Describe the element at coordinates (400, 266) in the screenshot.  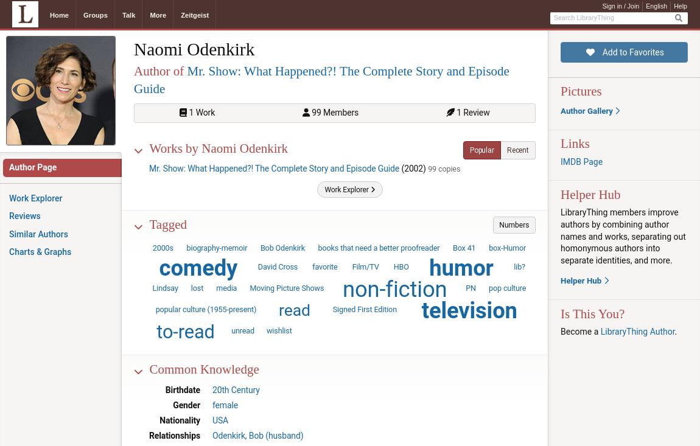
I see `'HBO'` at that location.